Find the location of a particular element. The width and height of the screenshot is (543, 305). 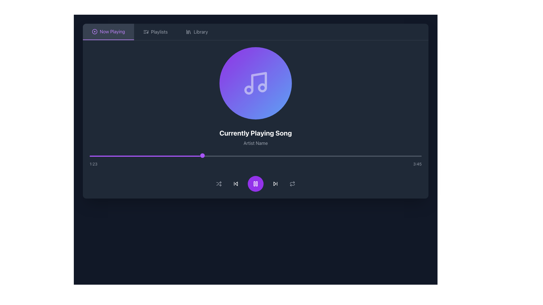

the navigational menu item labeled 'Library' located in the top-right section of the interface is located at coordinates (201, 32).